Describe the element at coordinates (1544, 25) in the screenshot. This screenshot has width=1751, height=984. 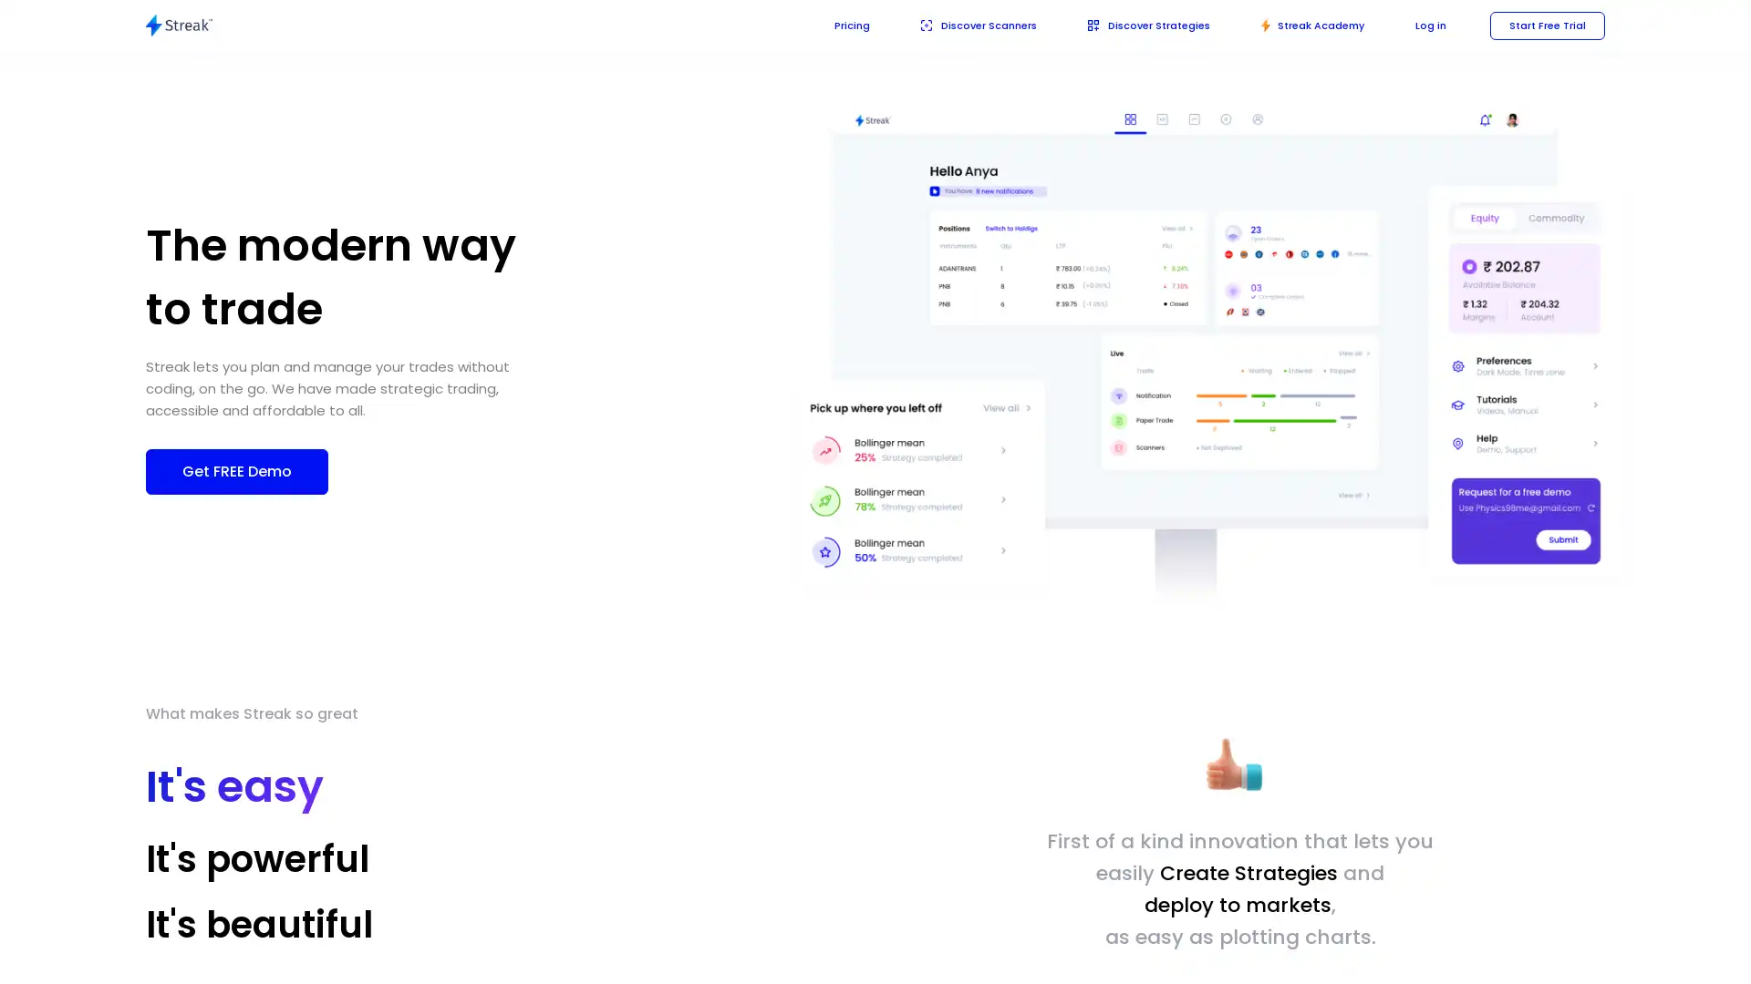
I see `Start Free Trial` at that location.